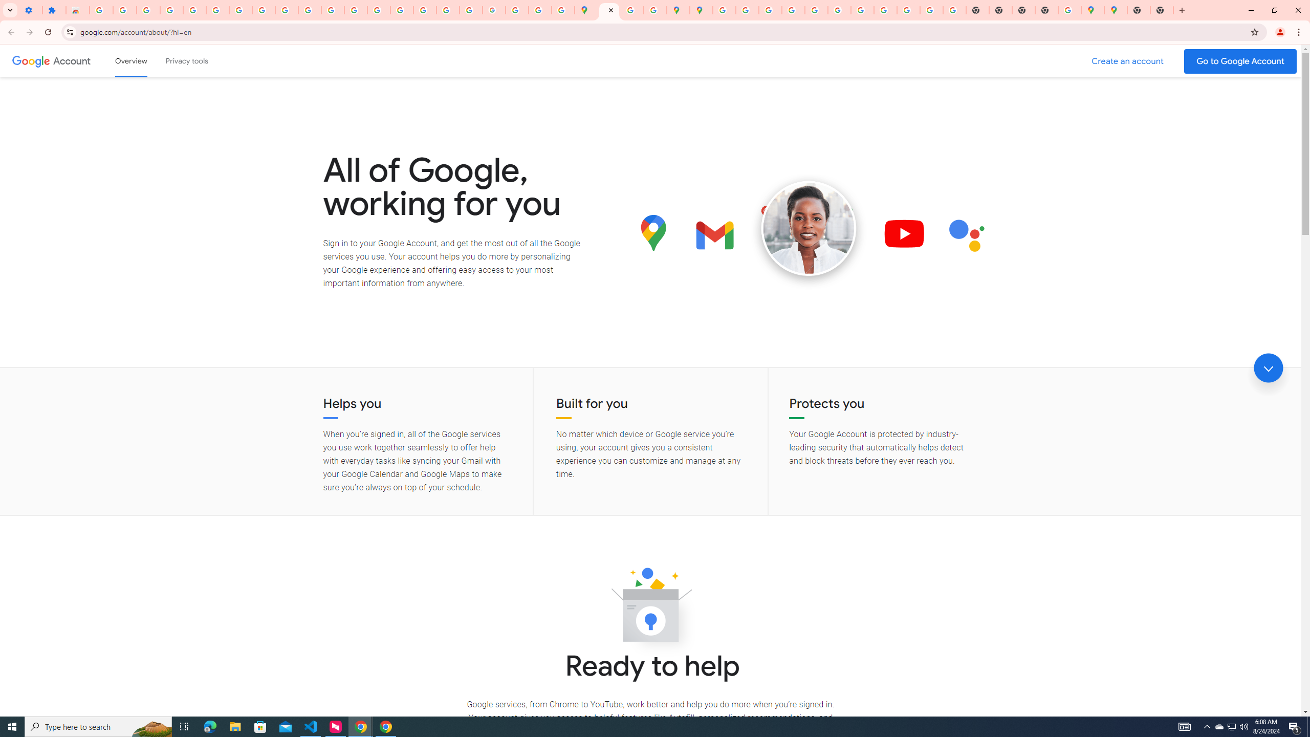 The height and width of the screenshot is (737, 1310). What do you see at coordinates (1240, 61) in the screenshot?
I see `'Go to your Google Account'` at bounding box center [1240, 61].